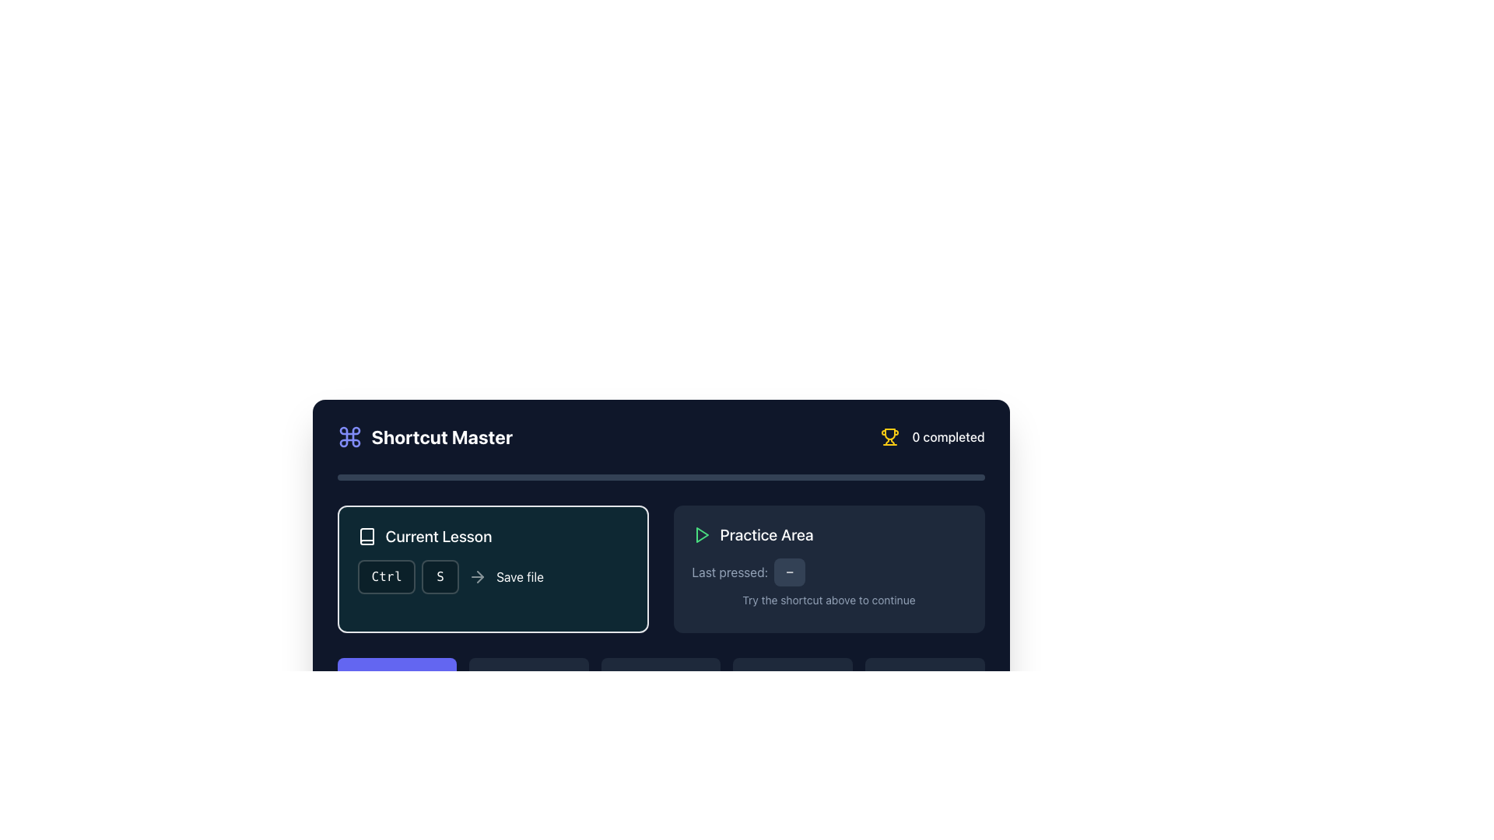 The image size is (1494, 840). What do you see at coordinates (397, 679) in the screenshot?
I see `the leftmost indigo button with a play icon at its center` at bounding box center [397, 679].